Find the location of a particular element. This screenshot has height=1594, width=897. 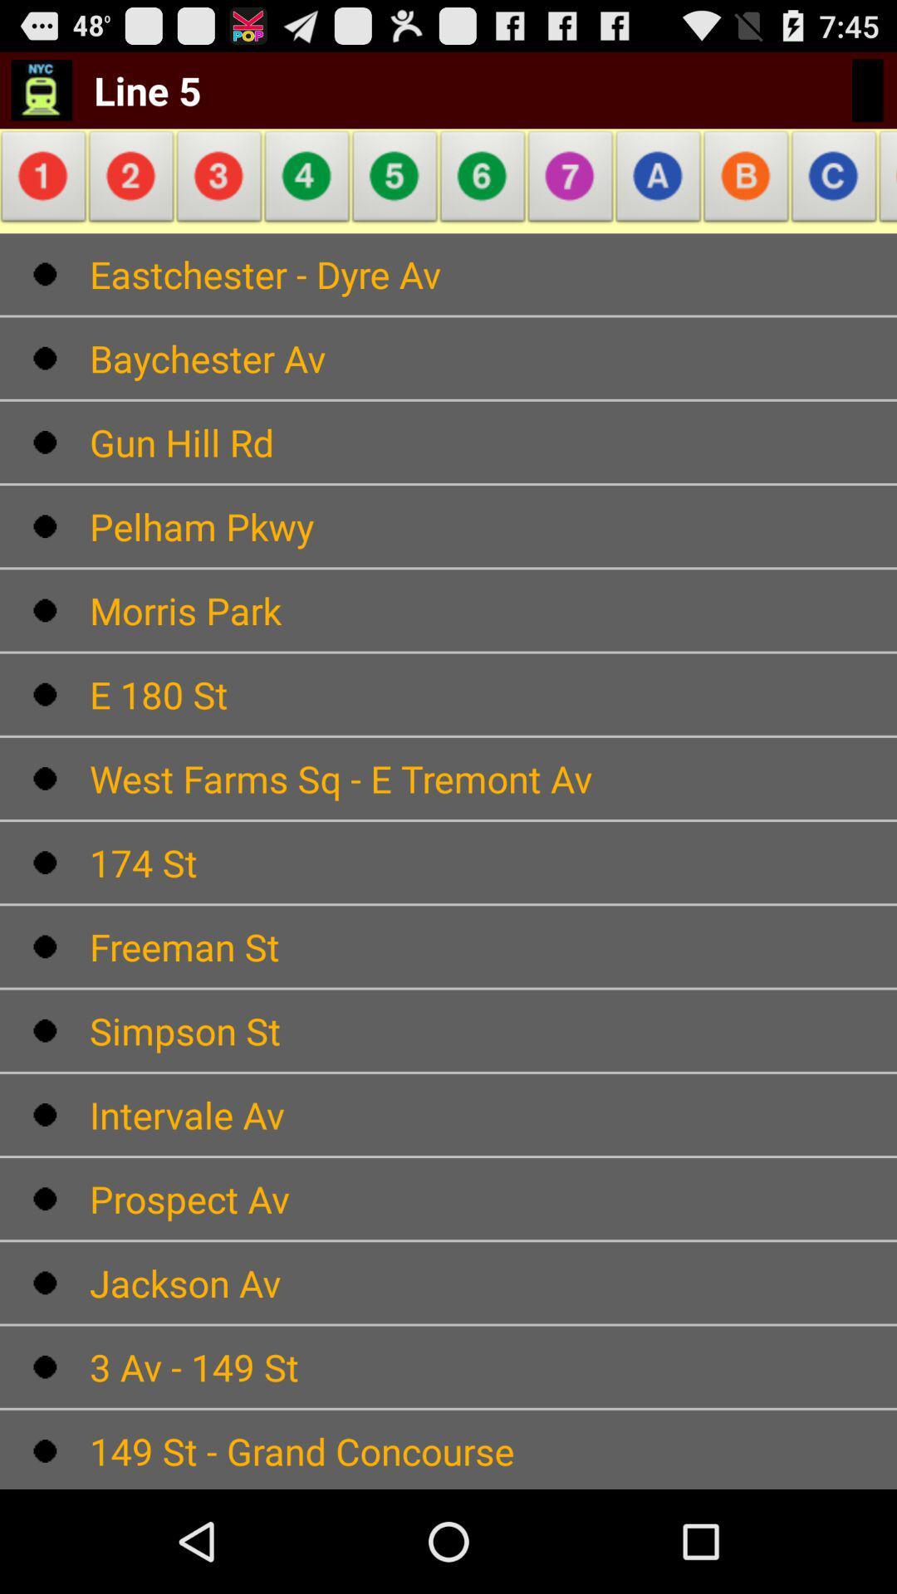

the app below line 5 item is located at coordinates (218, 181).